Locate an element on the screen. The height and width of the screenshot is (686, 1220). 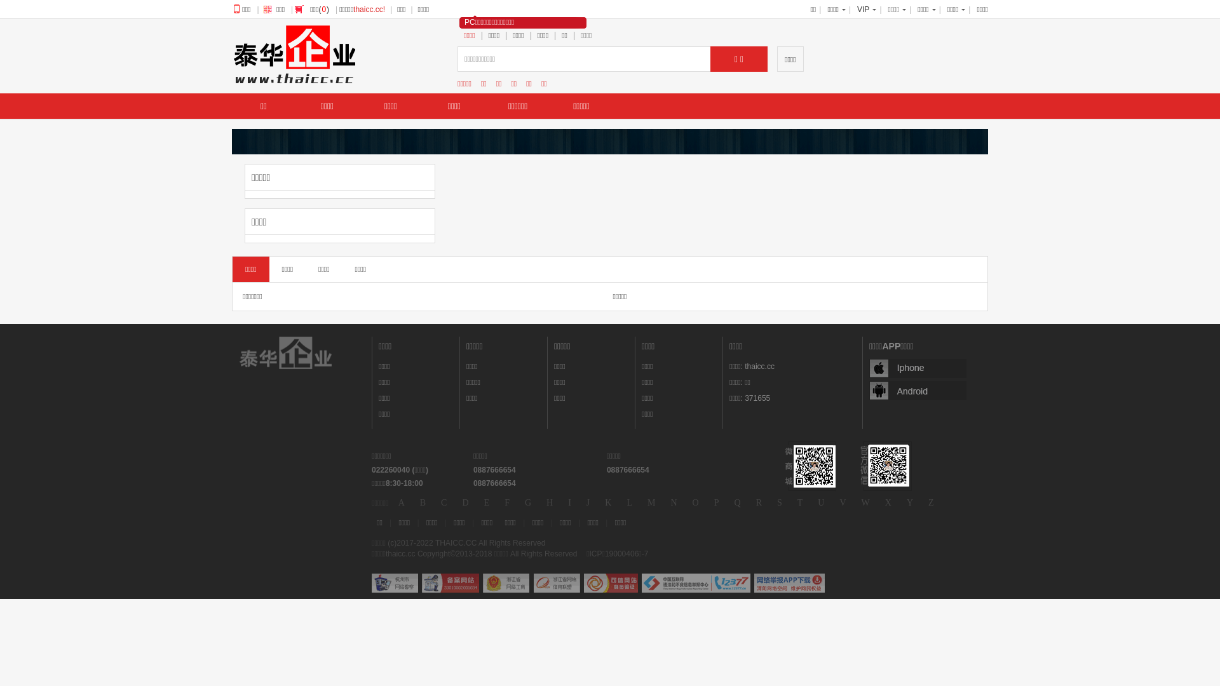
'X' is located at coordinates (887, 502).